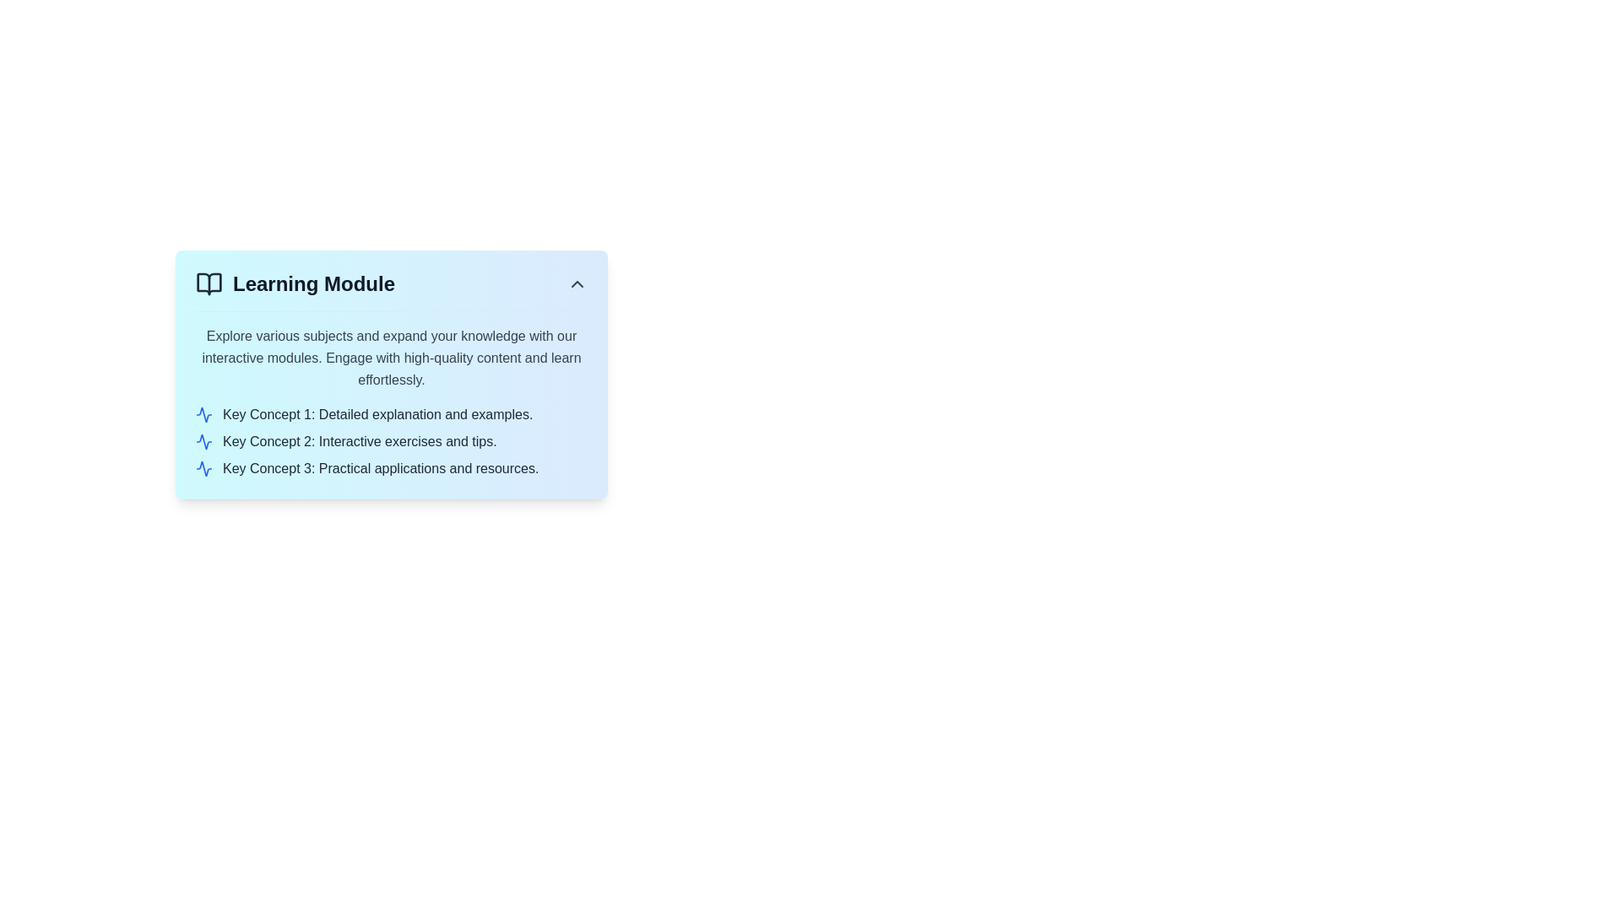 The image size is (1621, 911). Describe the element at coordinates (380, 468) in the screenshot. I see `the Text Label that serves as a description for a learning module topic, positioned below the section titled 'Learning Module' and inline with a blue icon` at that location.